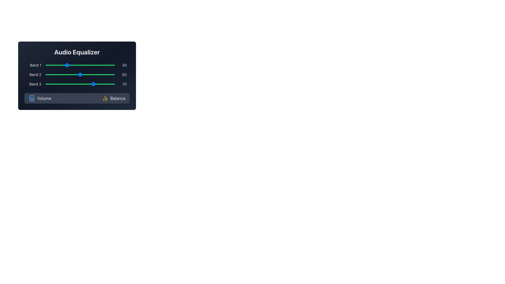 The width and height of the screenshot is (505, 284). Describe the element at coordinates (32, 84) in the screenshot. I see `the label for the third band in the audio equalizer, positioned below 'Band 2' and above the 'Volume' button, aligned with the corresponding slider and value indicator` at that location.